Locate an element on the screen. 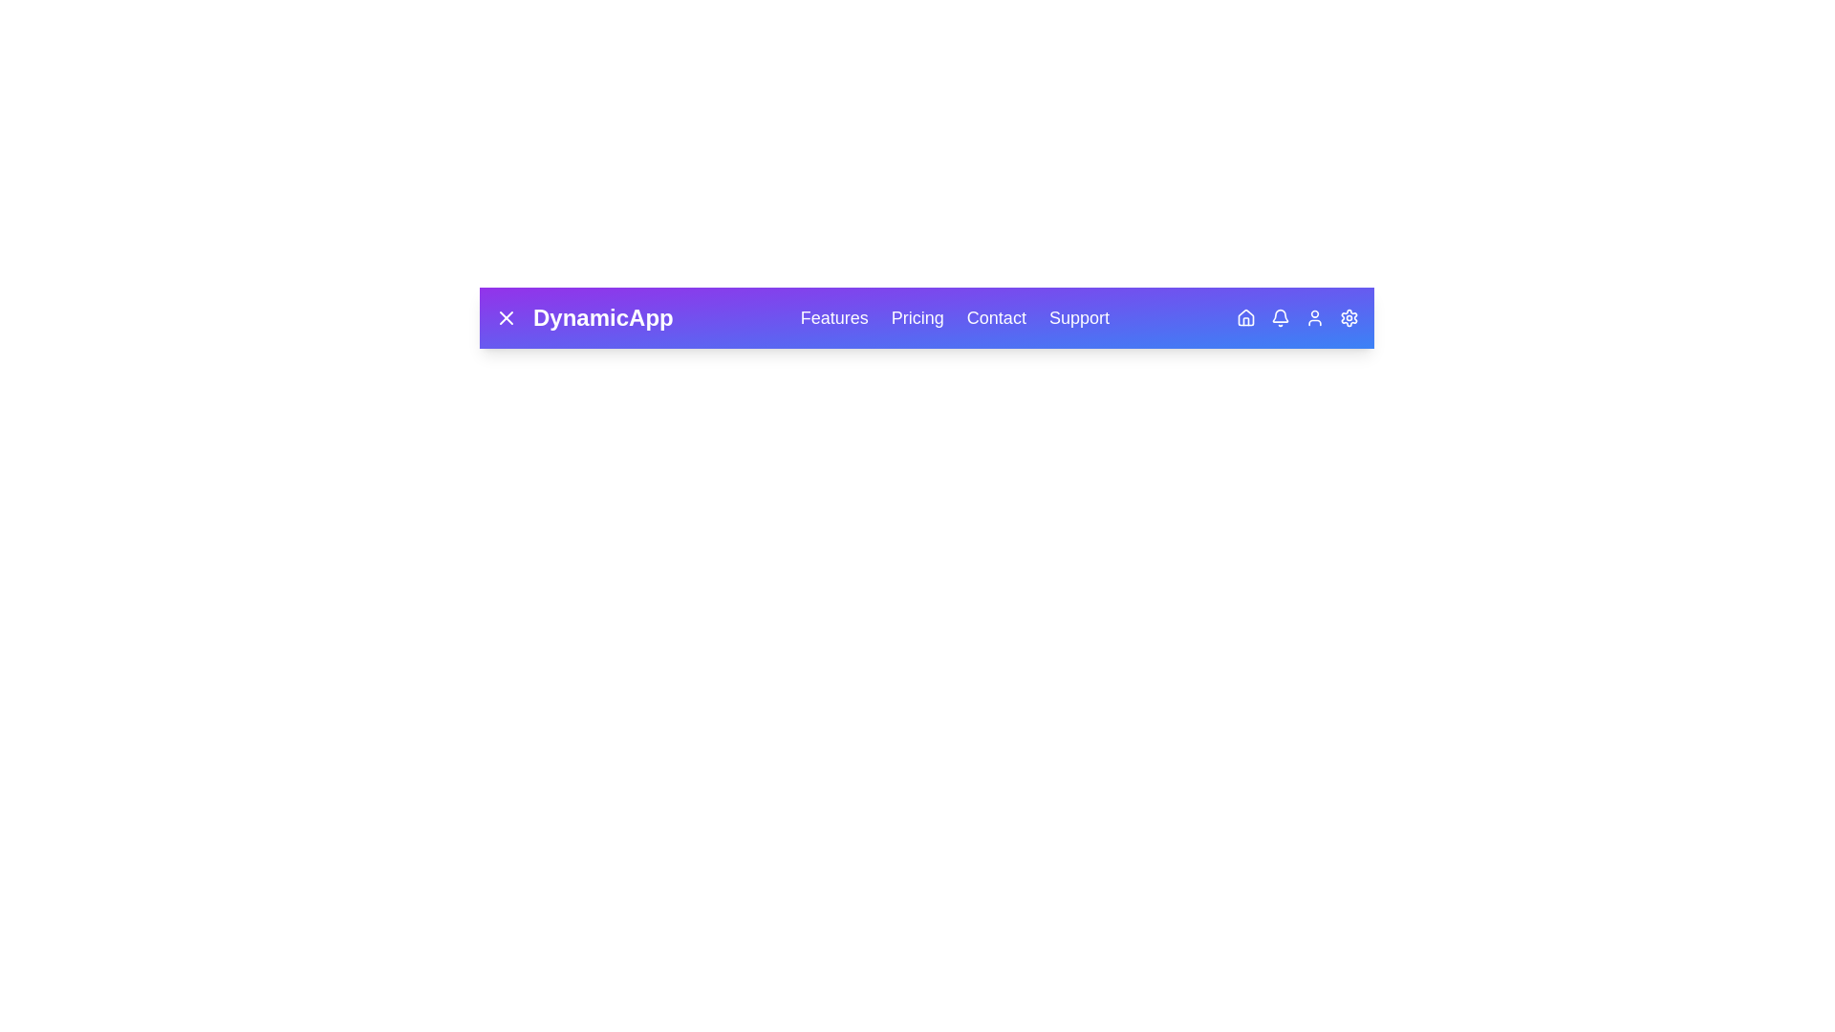 This screenshot has height=1032, width=1835. the Home icon in the DynamicAppBar is located at coordinates (1246, 316).